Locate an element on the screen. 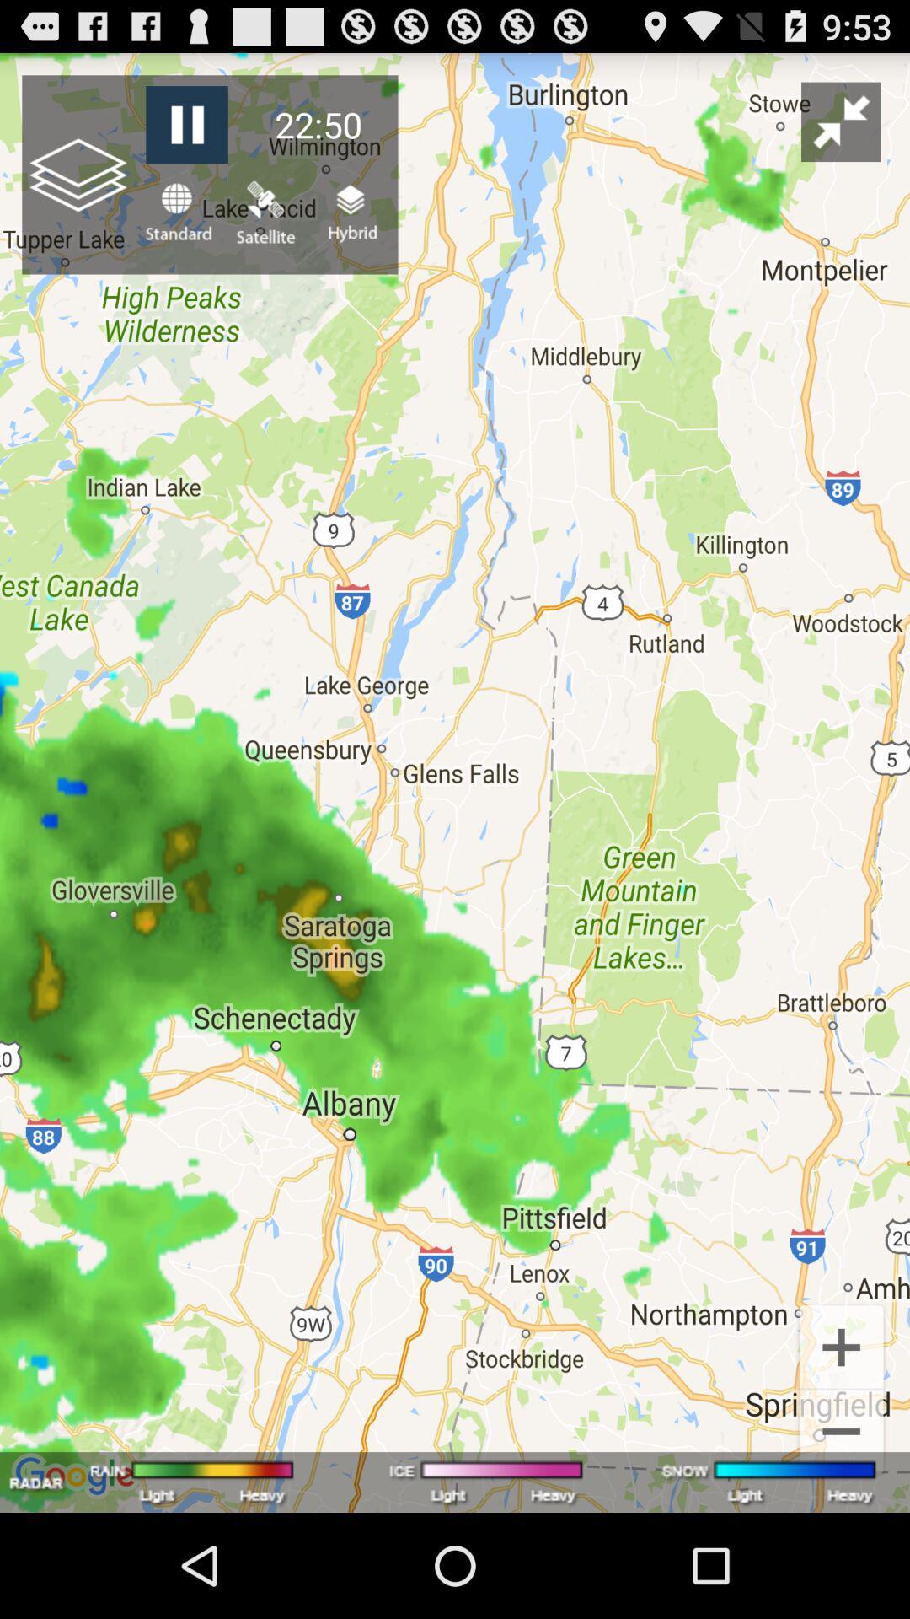  the fullscreen icon is located at coordinates (841, 129).